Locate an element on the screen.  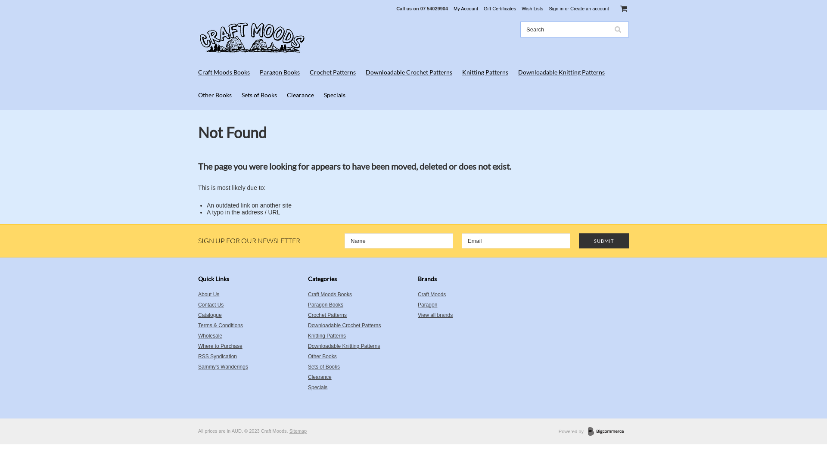
'Submit' is located at coordinates (603, 241).